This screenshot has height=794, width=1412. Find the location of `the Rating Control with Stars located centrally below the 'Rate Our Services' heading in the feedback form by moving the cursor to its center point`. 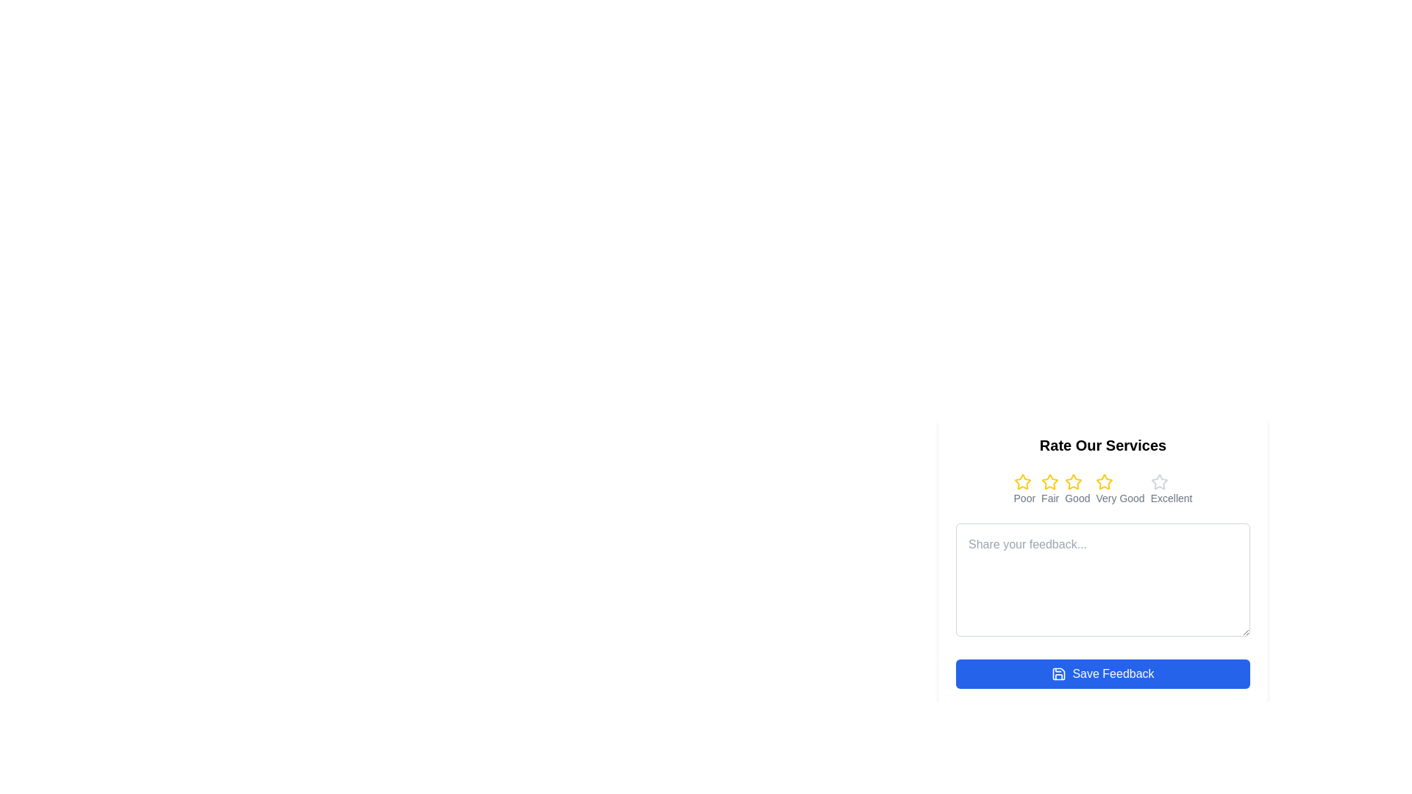

the Rating Control with Stars located centrally below the 'Rate Our Services' heading in the feedback form by moving the cursor to its center point is located at coordinates (1102, 490).